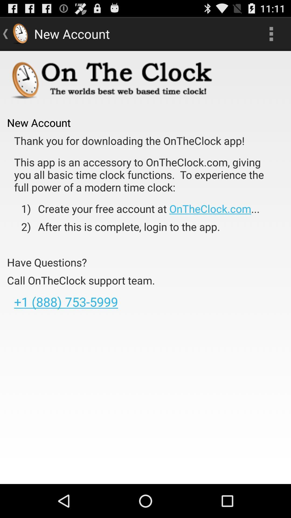 The image size is (291, 518). Describe the element at coordinates (145, 208) in the screenshot. I see `create your free item` at that location.